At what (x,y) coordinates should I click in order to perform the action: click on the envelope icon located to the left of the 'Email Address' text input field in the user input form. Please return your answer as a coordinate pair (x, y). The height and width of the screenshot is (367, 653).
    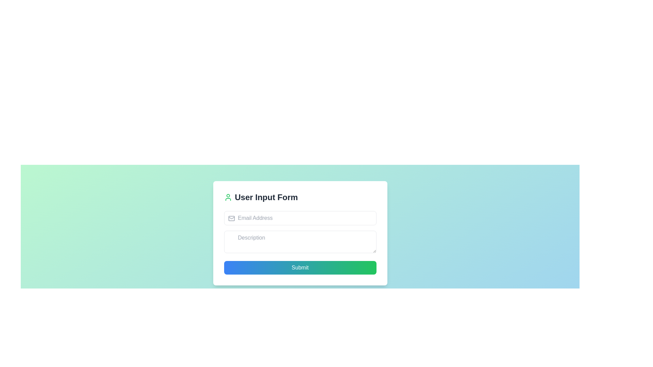
    Looking at the image, I should click on (231, 219).